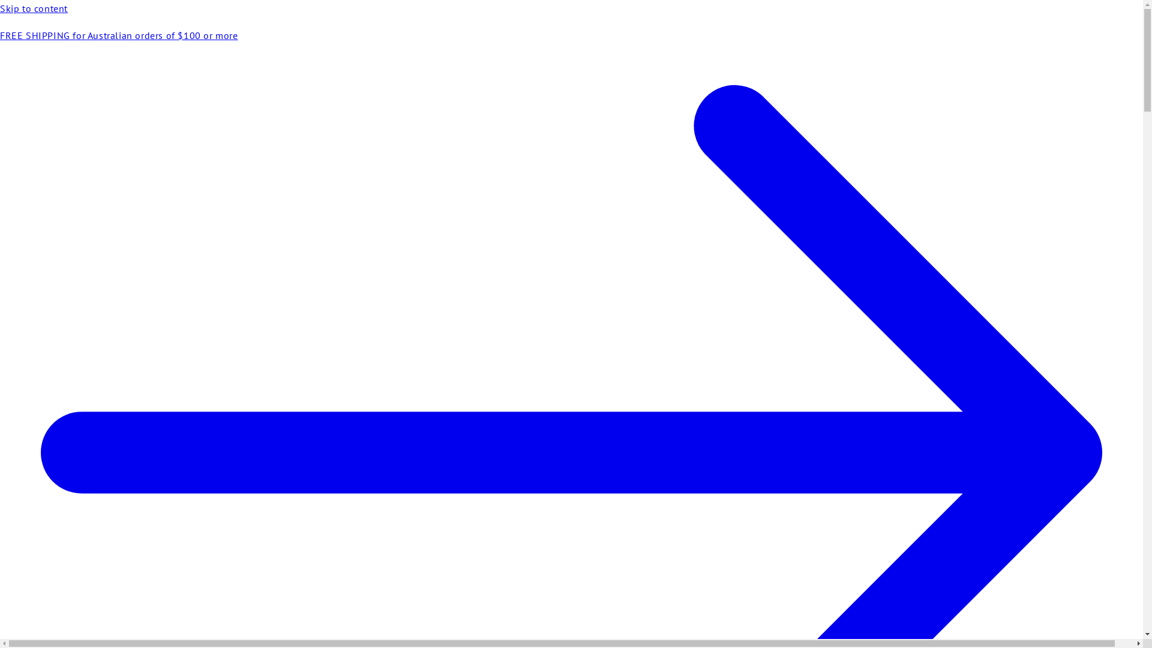 The width and height of the screenshot is (1152, 648). What do you see at coordinates (0, 8) in the screenshot?
I see `'Skip to content'` at bounding box center [0, 8].